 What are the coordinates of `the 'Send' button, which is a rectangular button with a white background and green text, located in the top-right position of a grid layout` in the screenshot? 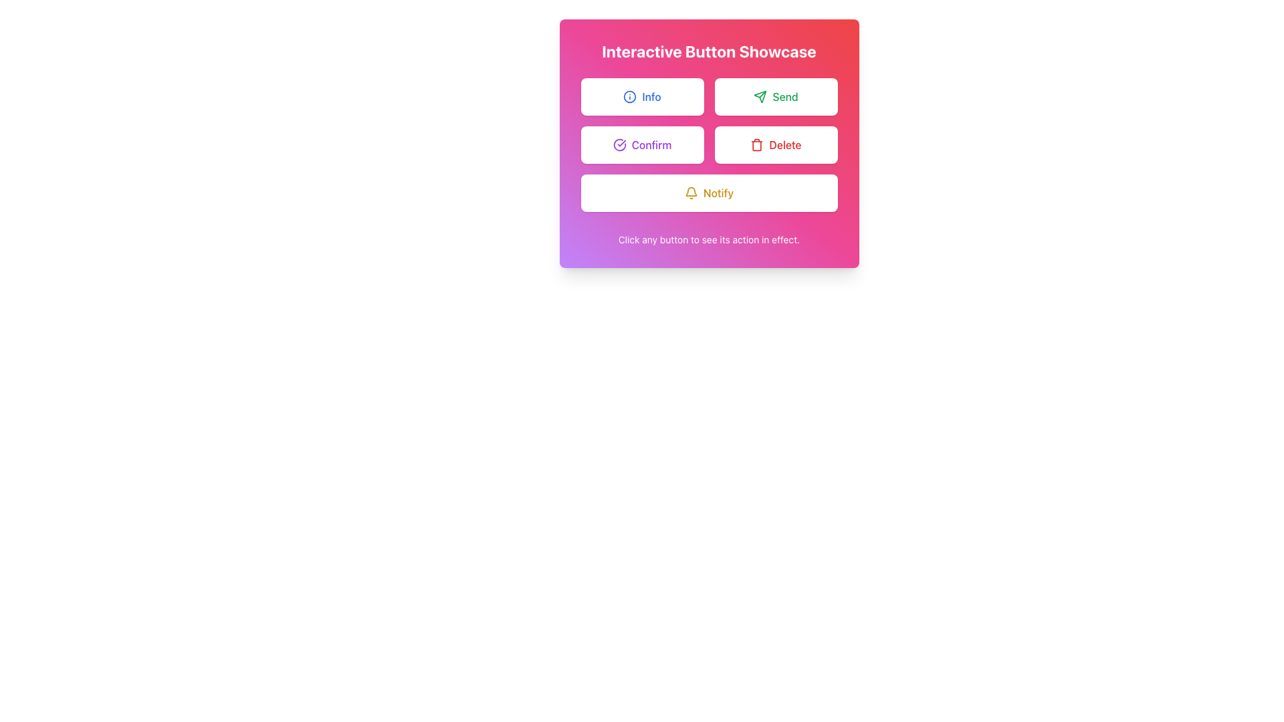 It's located at (776, 96).